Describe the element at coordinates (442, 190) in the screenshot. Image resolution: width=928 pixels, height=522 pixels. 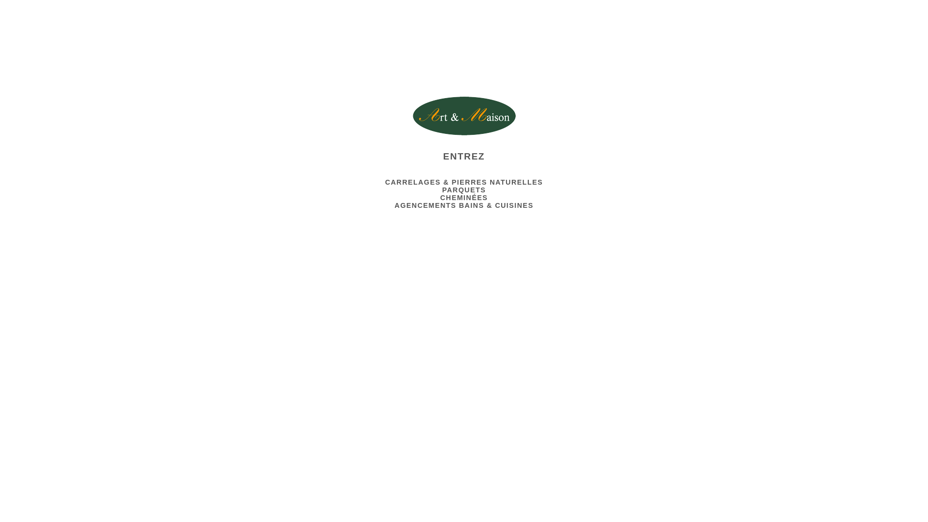
I see `'PARQUETS'` at that location.